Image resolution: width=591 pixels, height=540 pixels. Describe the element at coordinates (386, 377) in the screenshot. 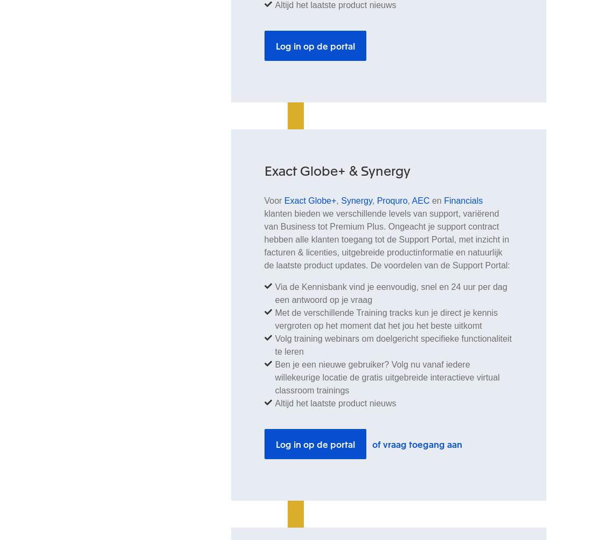

I see `'Ben je een nieuwe gebruiker? Volg nu vanaf iedere willekeurige locatie de gratis uitgebreide interactieve virtual classroom trainings'` at that location.